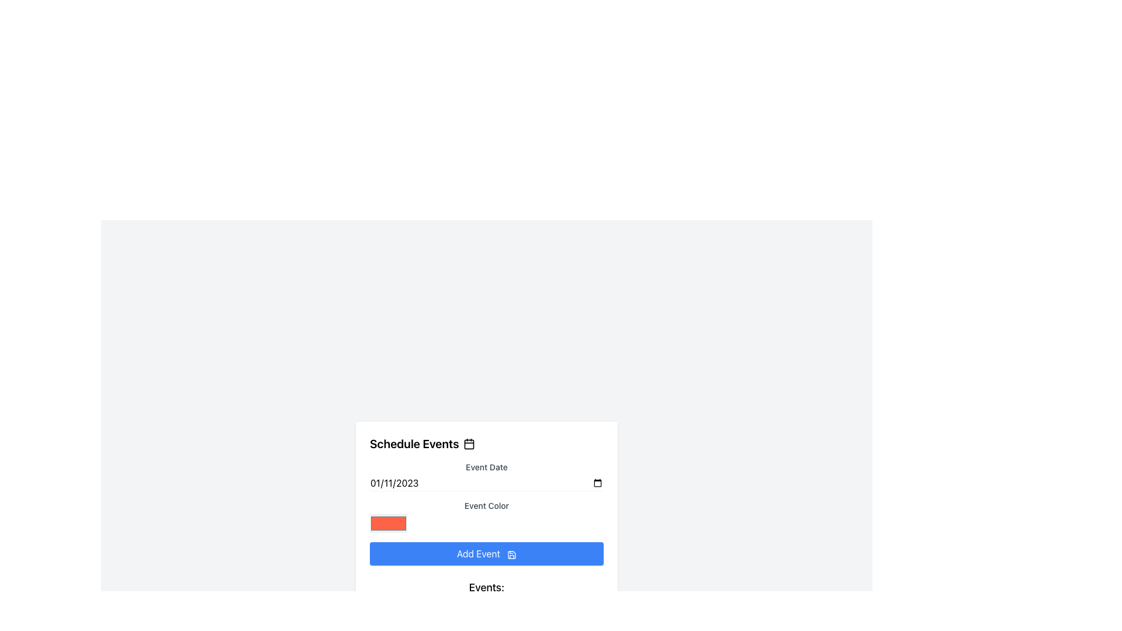 This screenshot has height=631, width=1122. Describe the element at coordinates (487, 466) in the screenshot. I see `'Event Date' label, which is styled in gray and is located above the date input field in the Schedule Events form` at that location.